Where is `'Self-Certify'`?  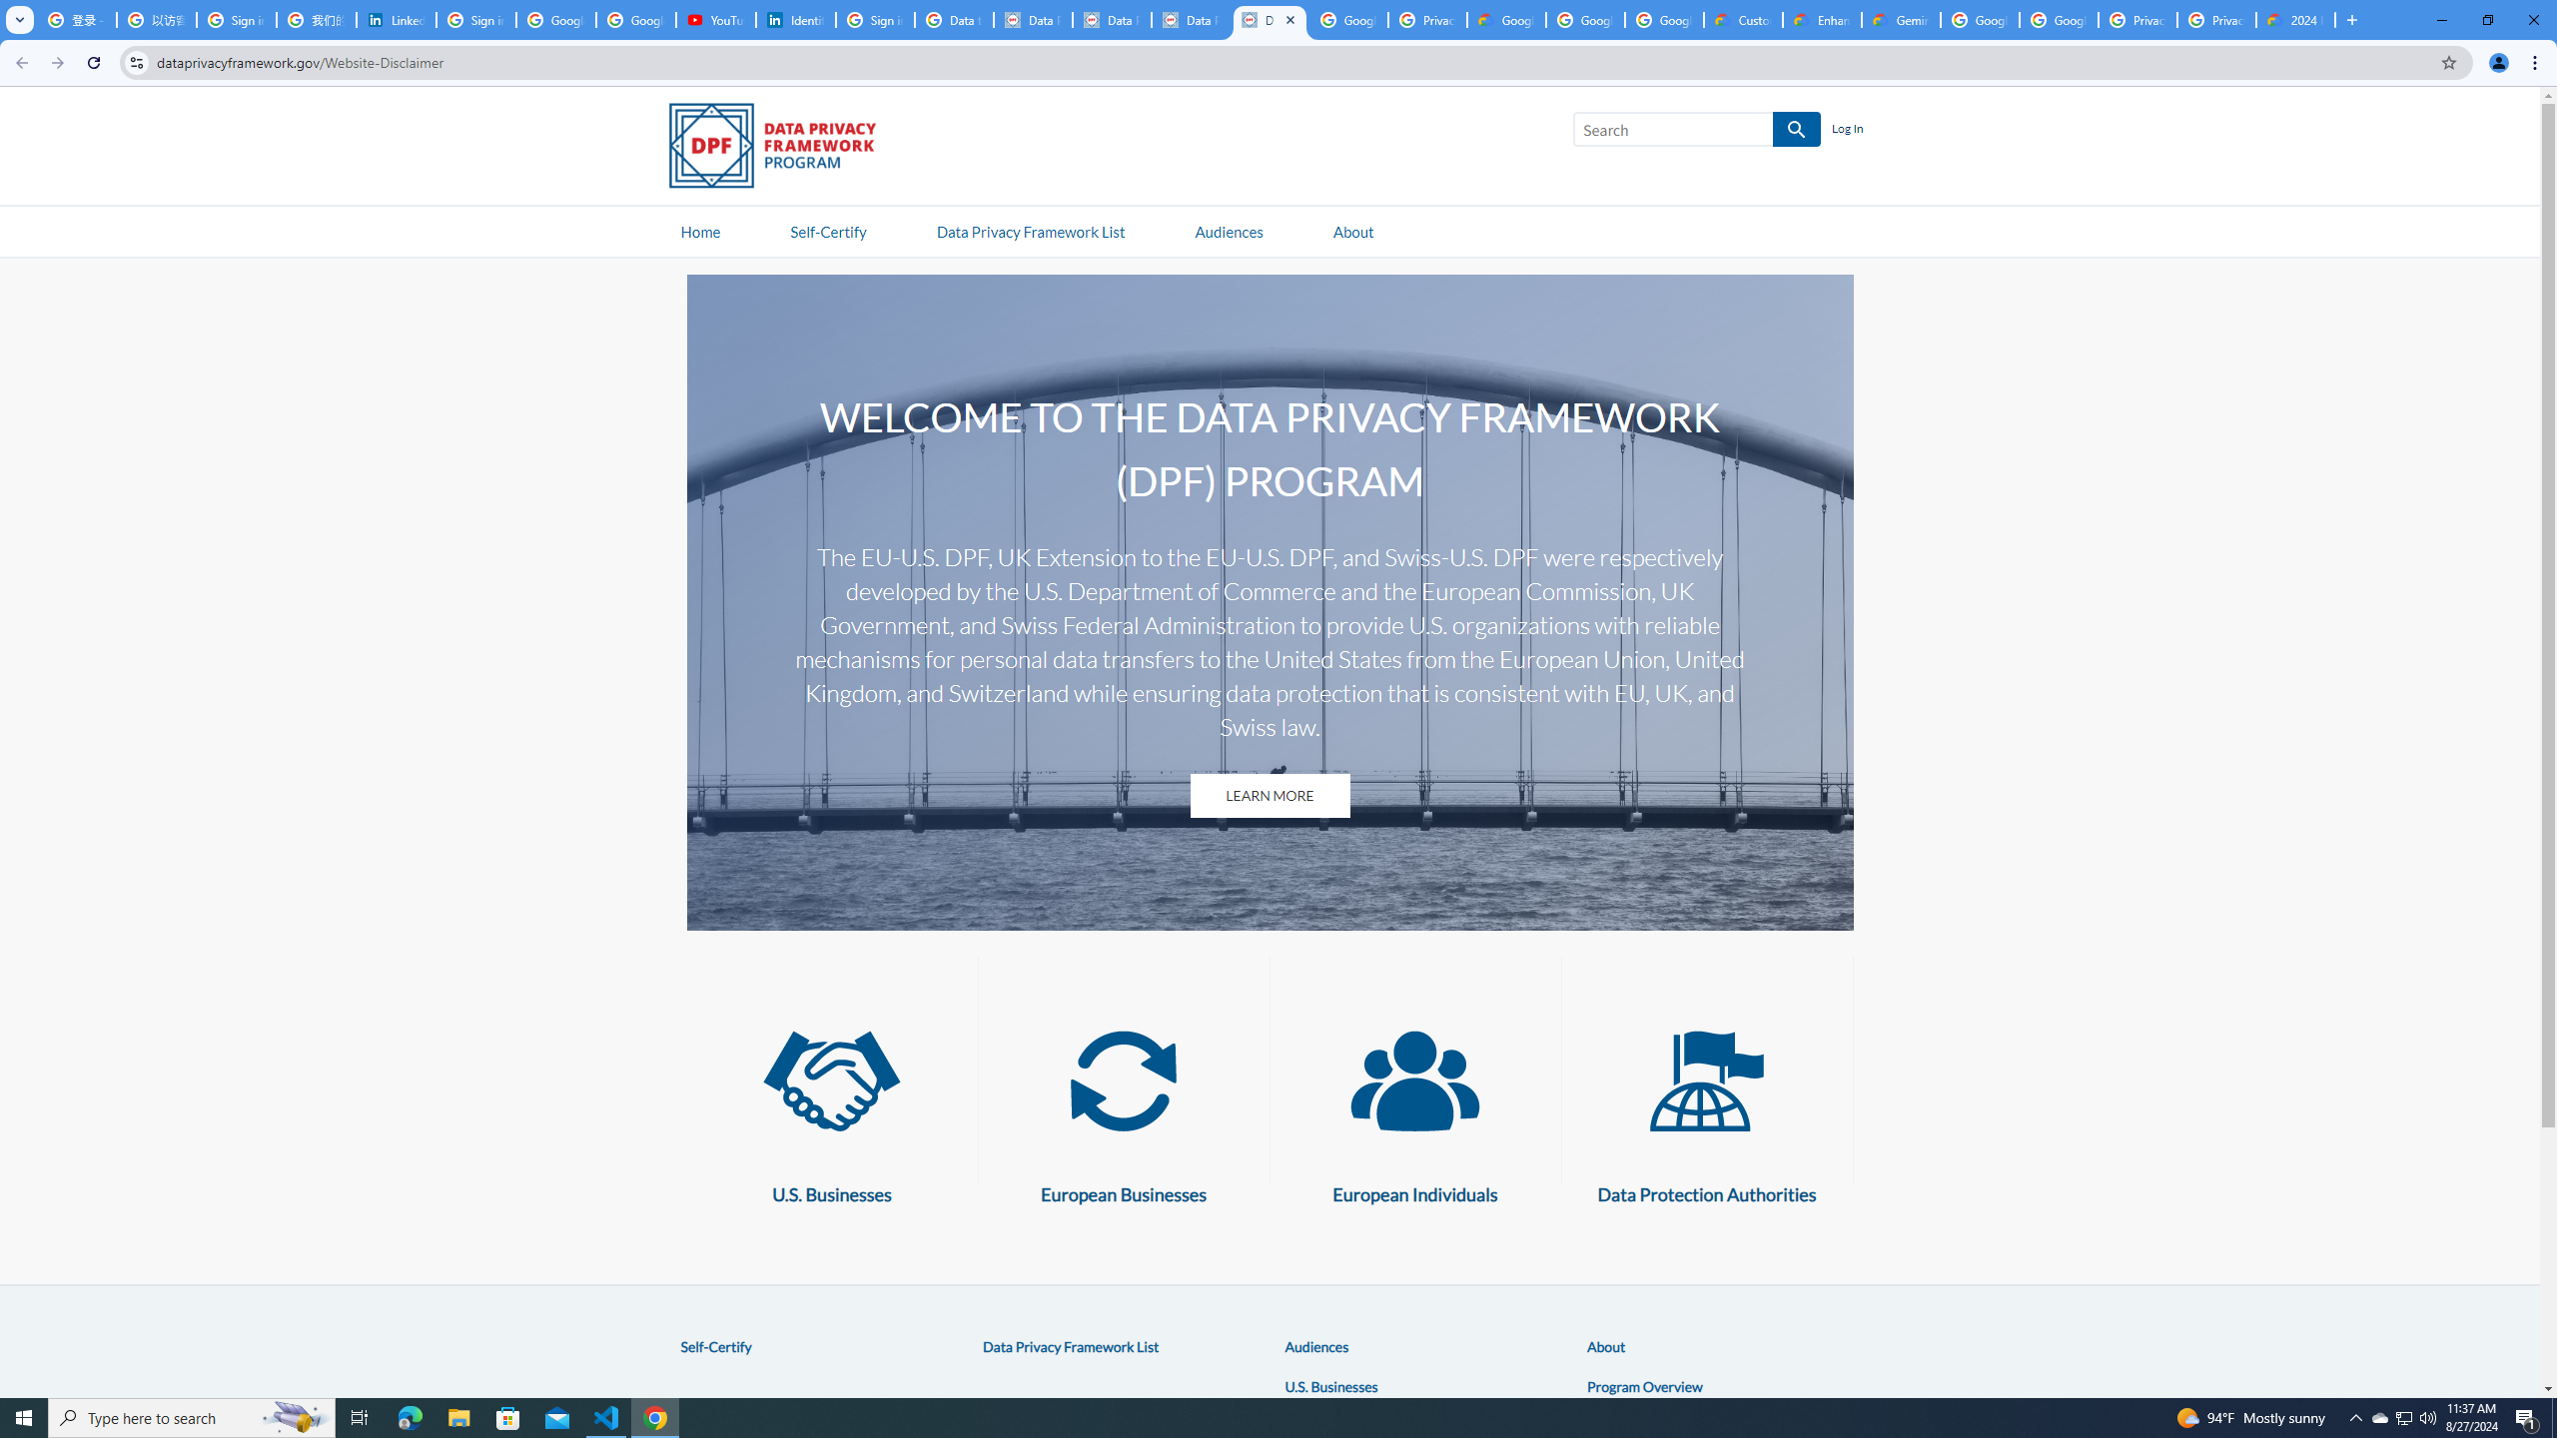 'Self-Certify' is located at coordinates (715, 1345).